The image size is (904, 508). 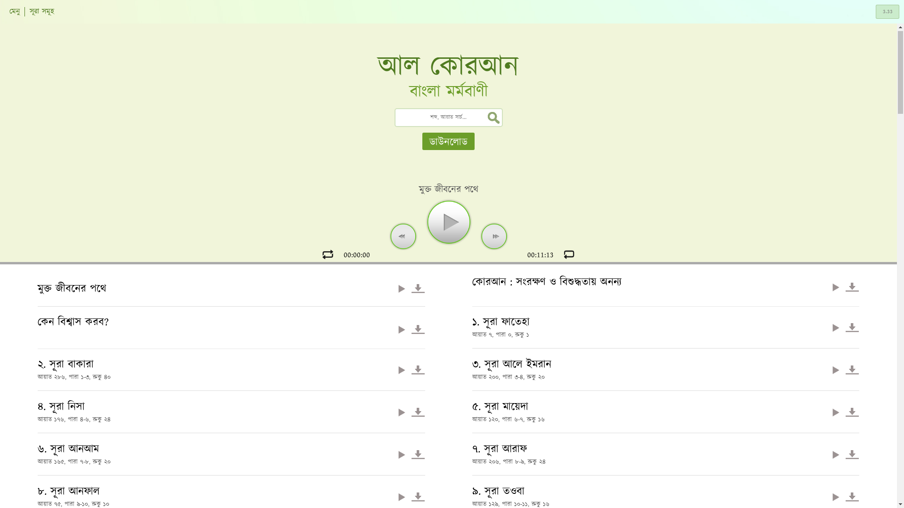 What do you see at coordinates (852, 369) in the screenshot?
I see `'Download'` at bounding box center [852, 369].